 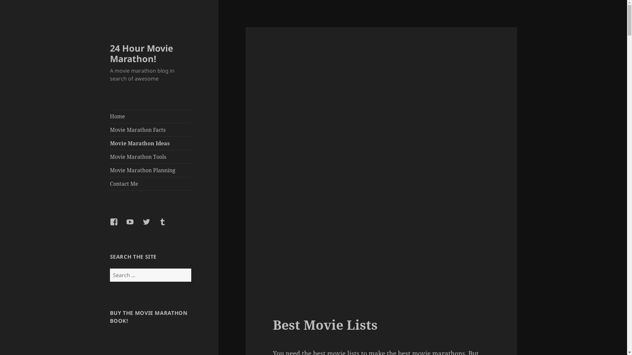 I want to click on 'Home', so click(x=150, y=116).